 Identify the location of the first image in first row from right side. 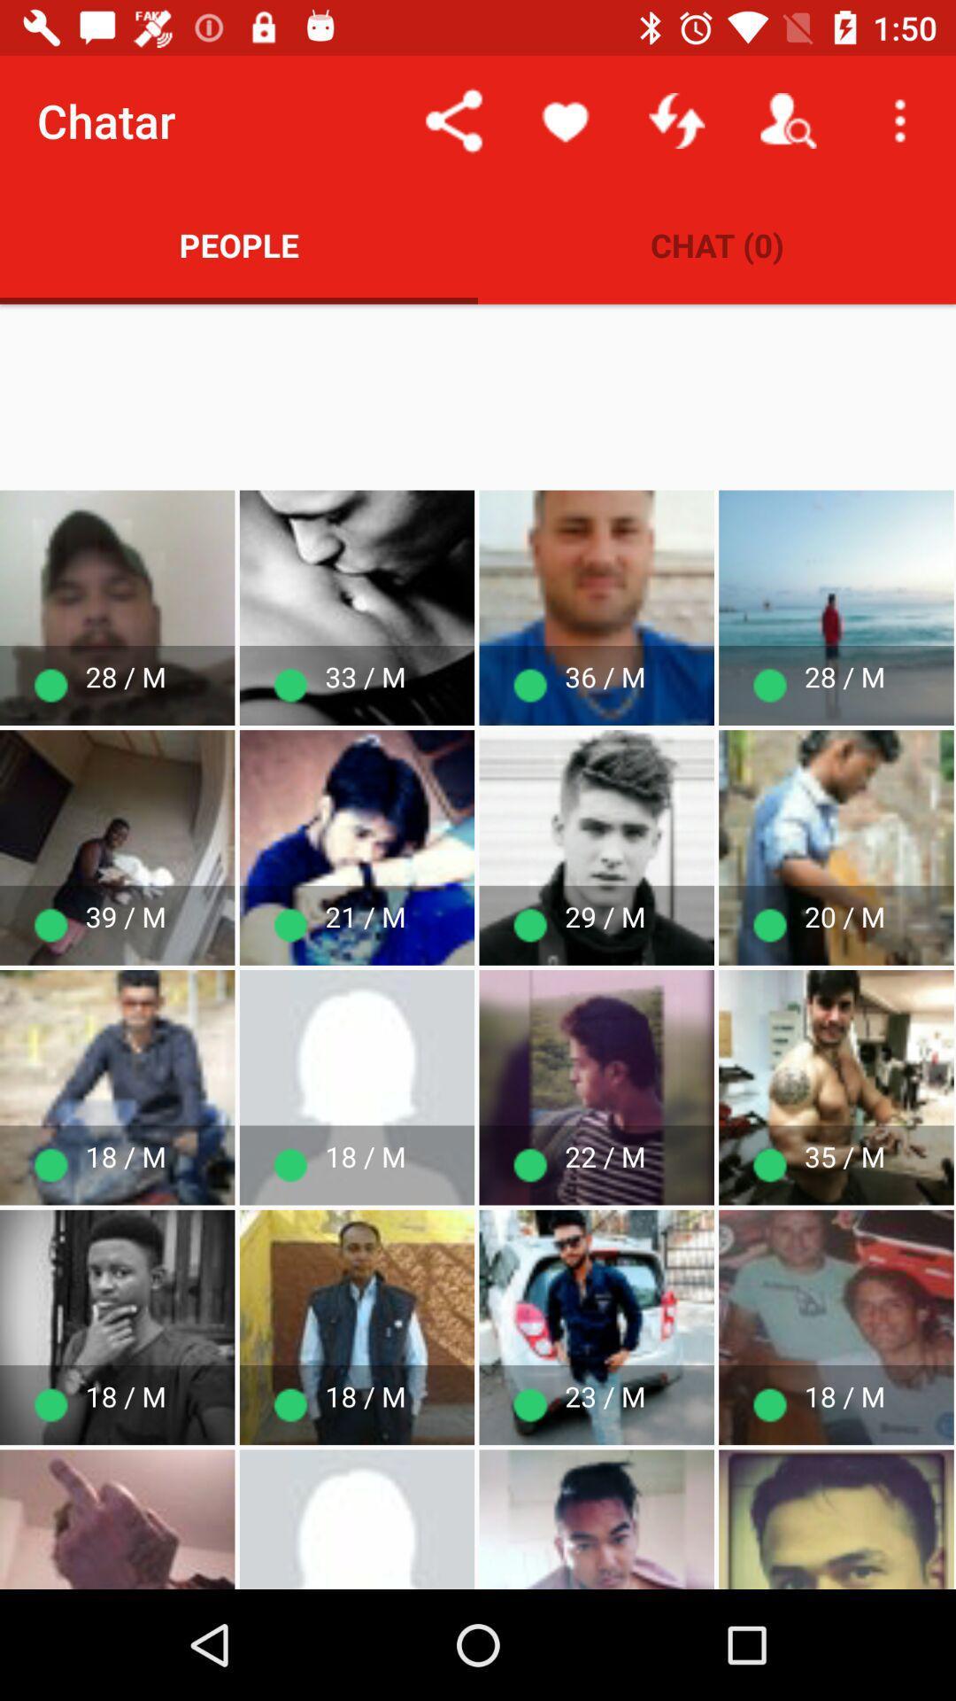
(836, 608).